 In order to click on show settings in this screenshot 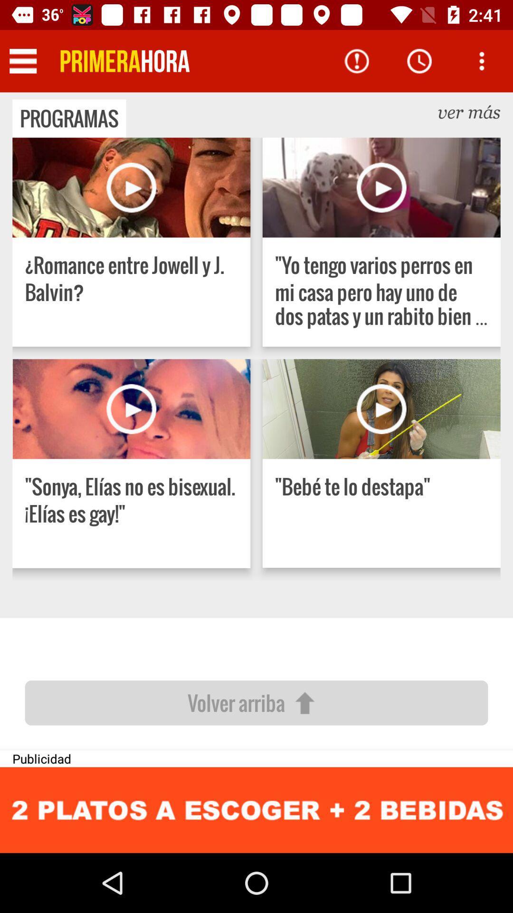, I will do `click(22, 60)`.